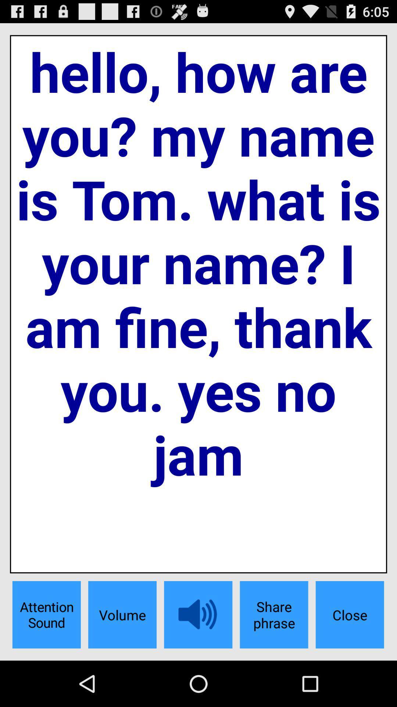  Describe the element at coordinates (274, 615) in the screenshot. I see `the icon below hello how are item` at that location.